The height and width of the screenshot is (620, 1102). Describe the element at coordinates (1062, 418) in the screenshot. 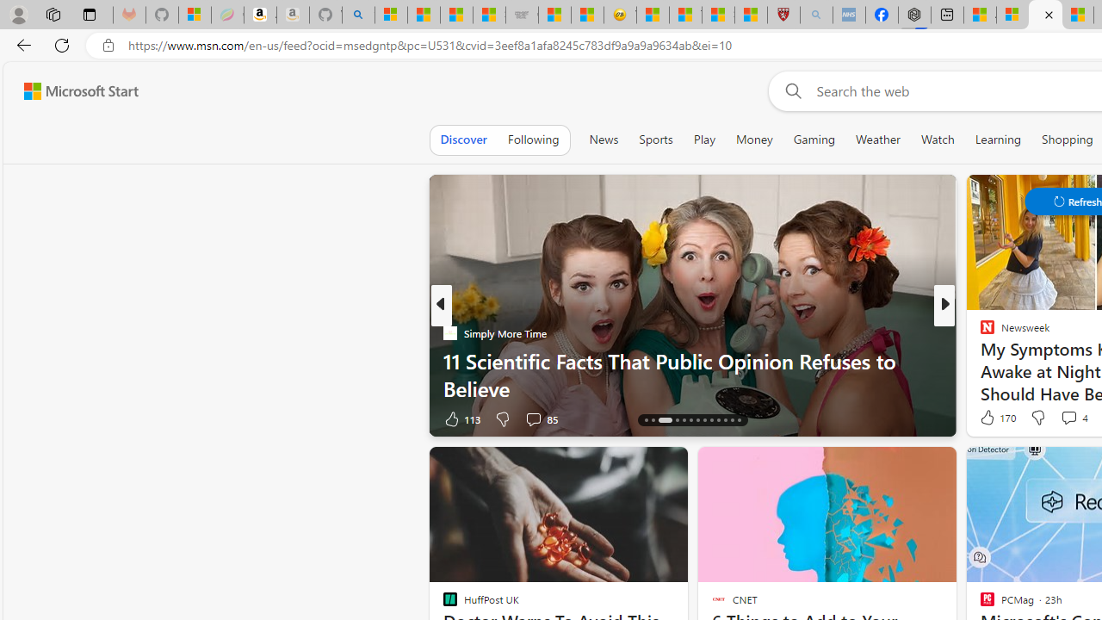

I see `'View comments 18 Comment'` at that location.